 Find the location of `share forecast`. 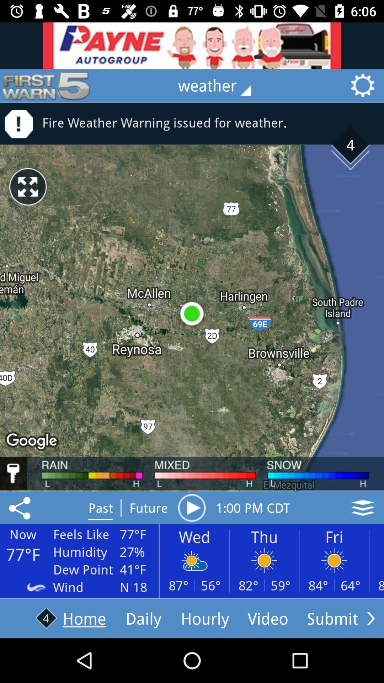

share forecast is located at coordinates (21, 507).